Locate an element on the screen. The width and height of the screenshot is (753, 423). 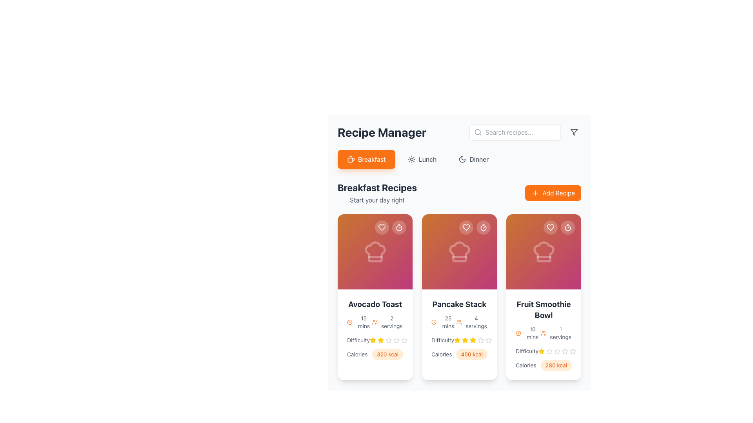
the third star icon representing the third level of difficulty in the 5-star rating system for the recipe 'Fruit Smoothie Bowl' located in the 'Breakfast Recipes' section is located at coordinates (557, 351).